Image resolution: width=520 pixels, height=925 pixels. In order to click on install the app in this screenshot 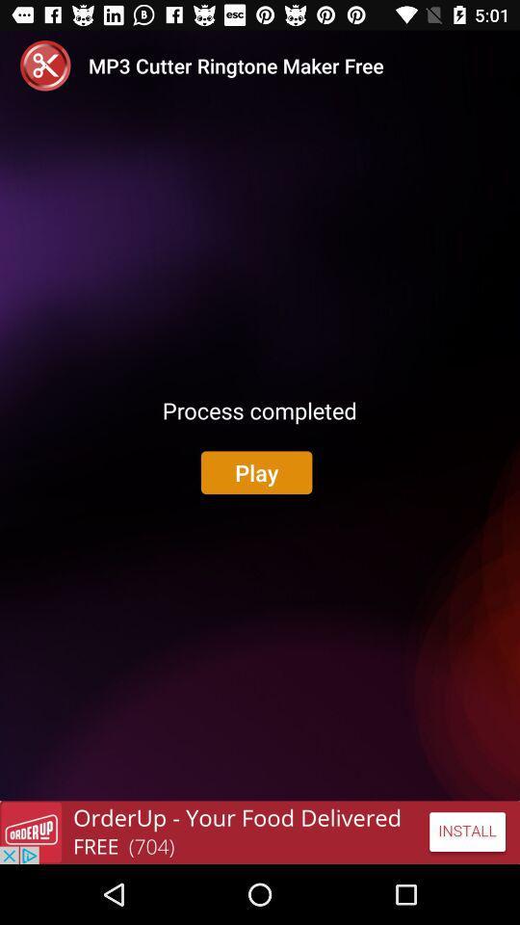, I will do `click(260, 832)`.